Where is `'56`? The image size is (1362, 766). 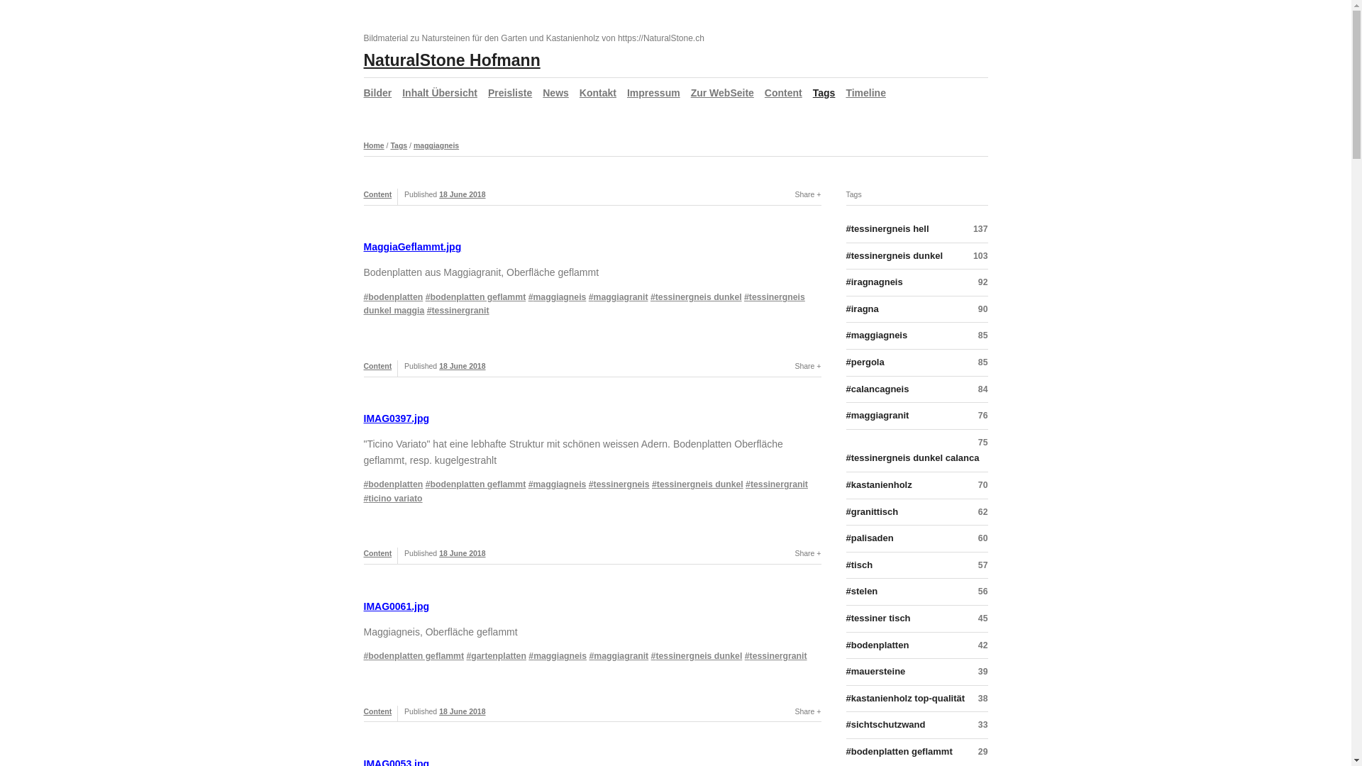
'56 is located at coordinates (916, 592).